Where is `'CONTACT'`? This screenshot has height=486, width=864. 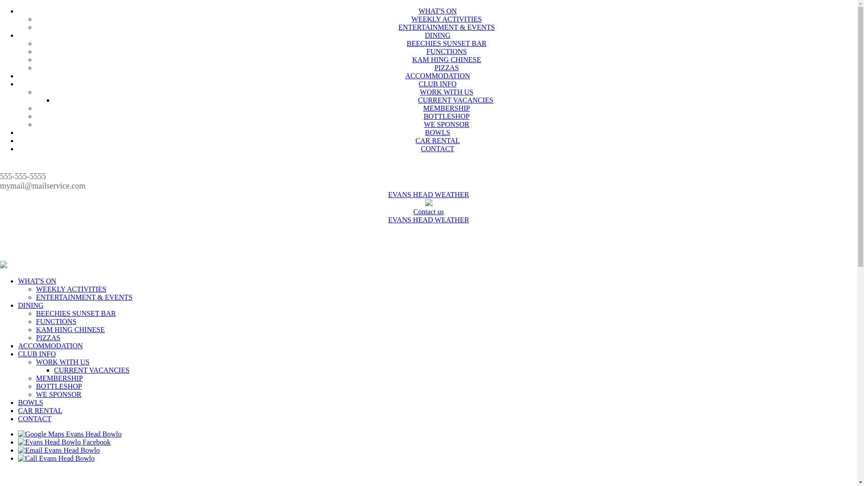 'CONTACT' is located at coordinates (34, 418).